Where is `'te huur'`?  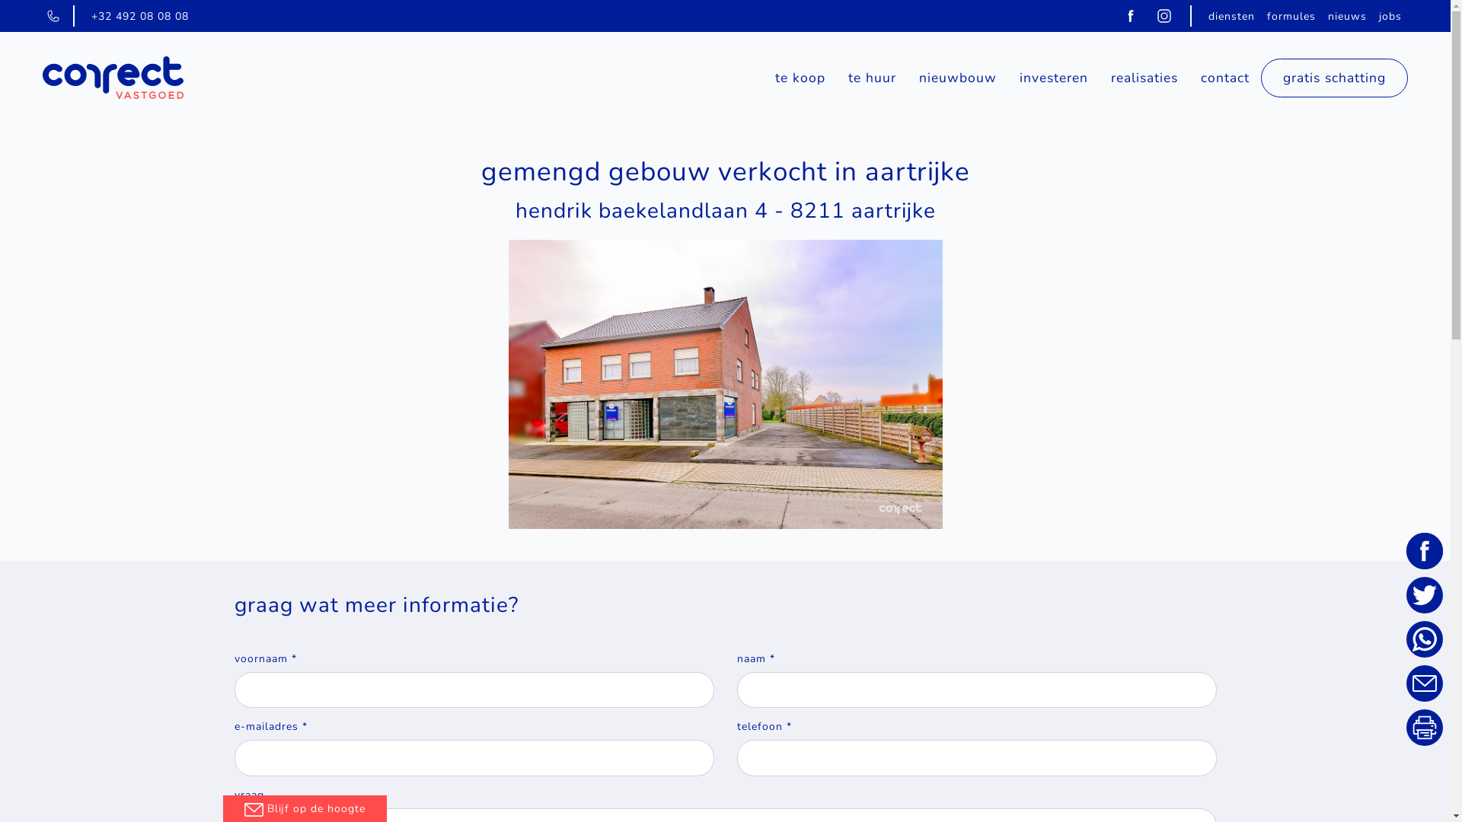 'te huur' is located at coordinates (872, 77).